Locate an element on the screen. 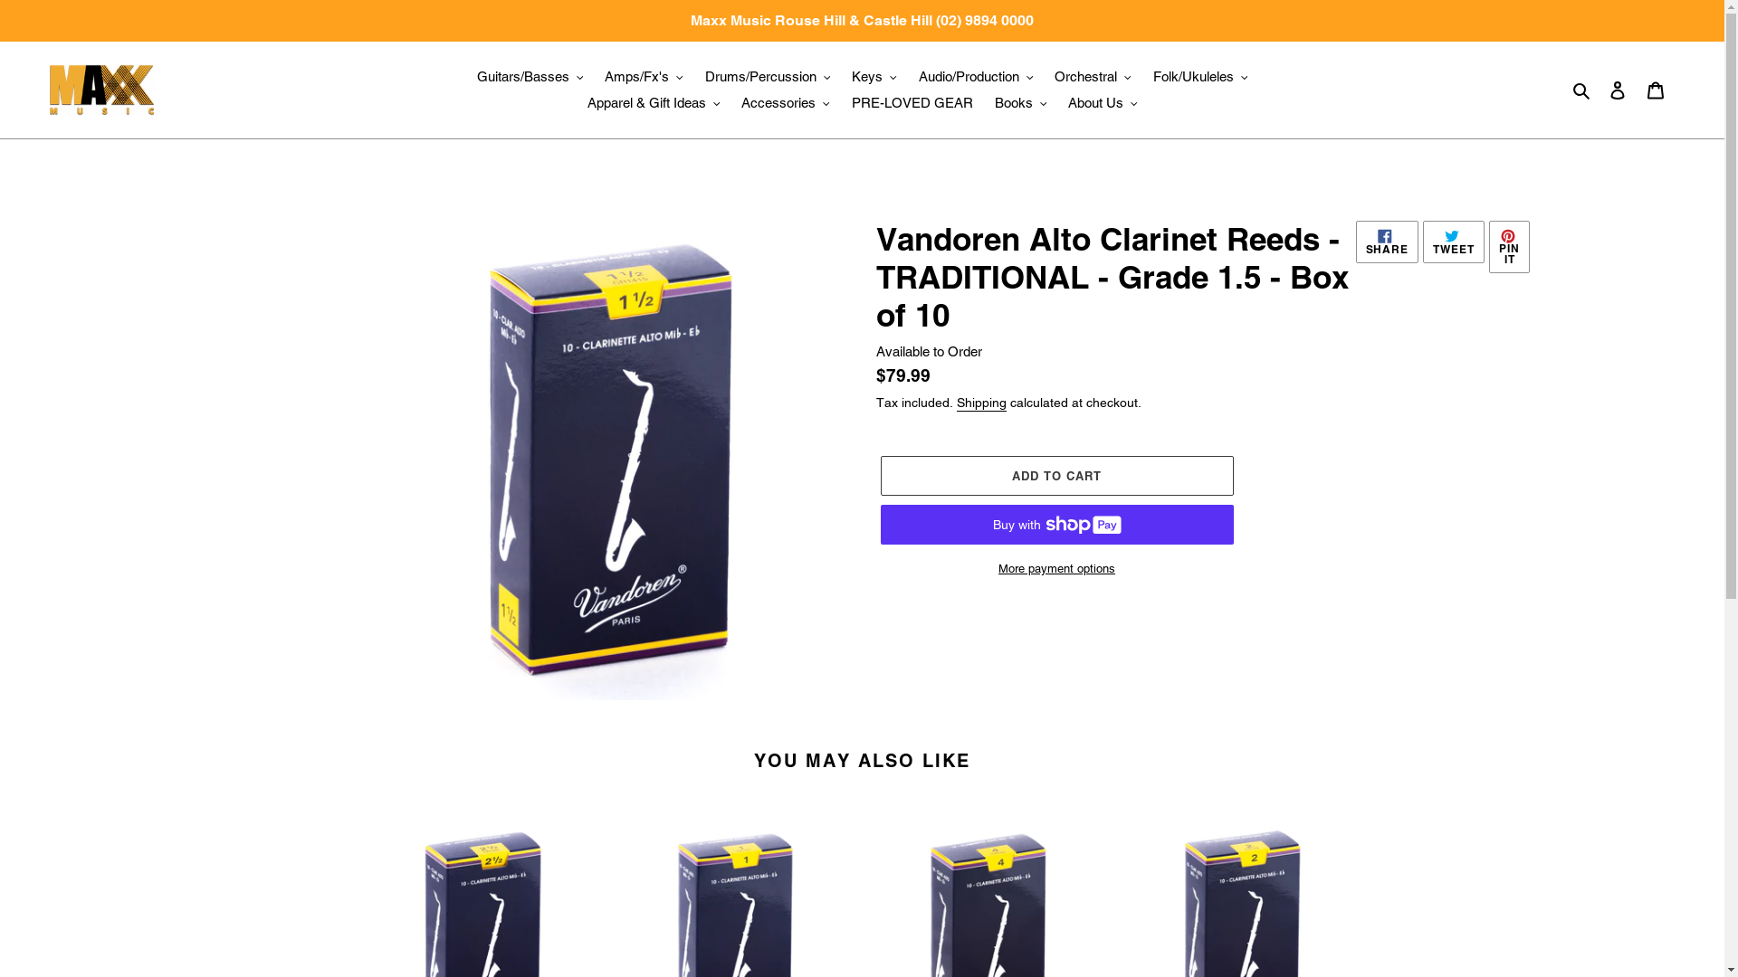  'Books' is located at coordinates (1020, 103).